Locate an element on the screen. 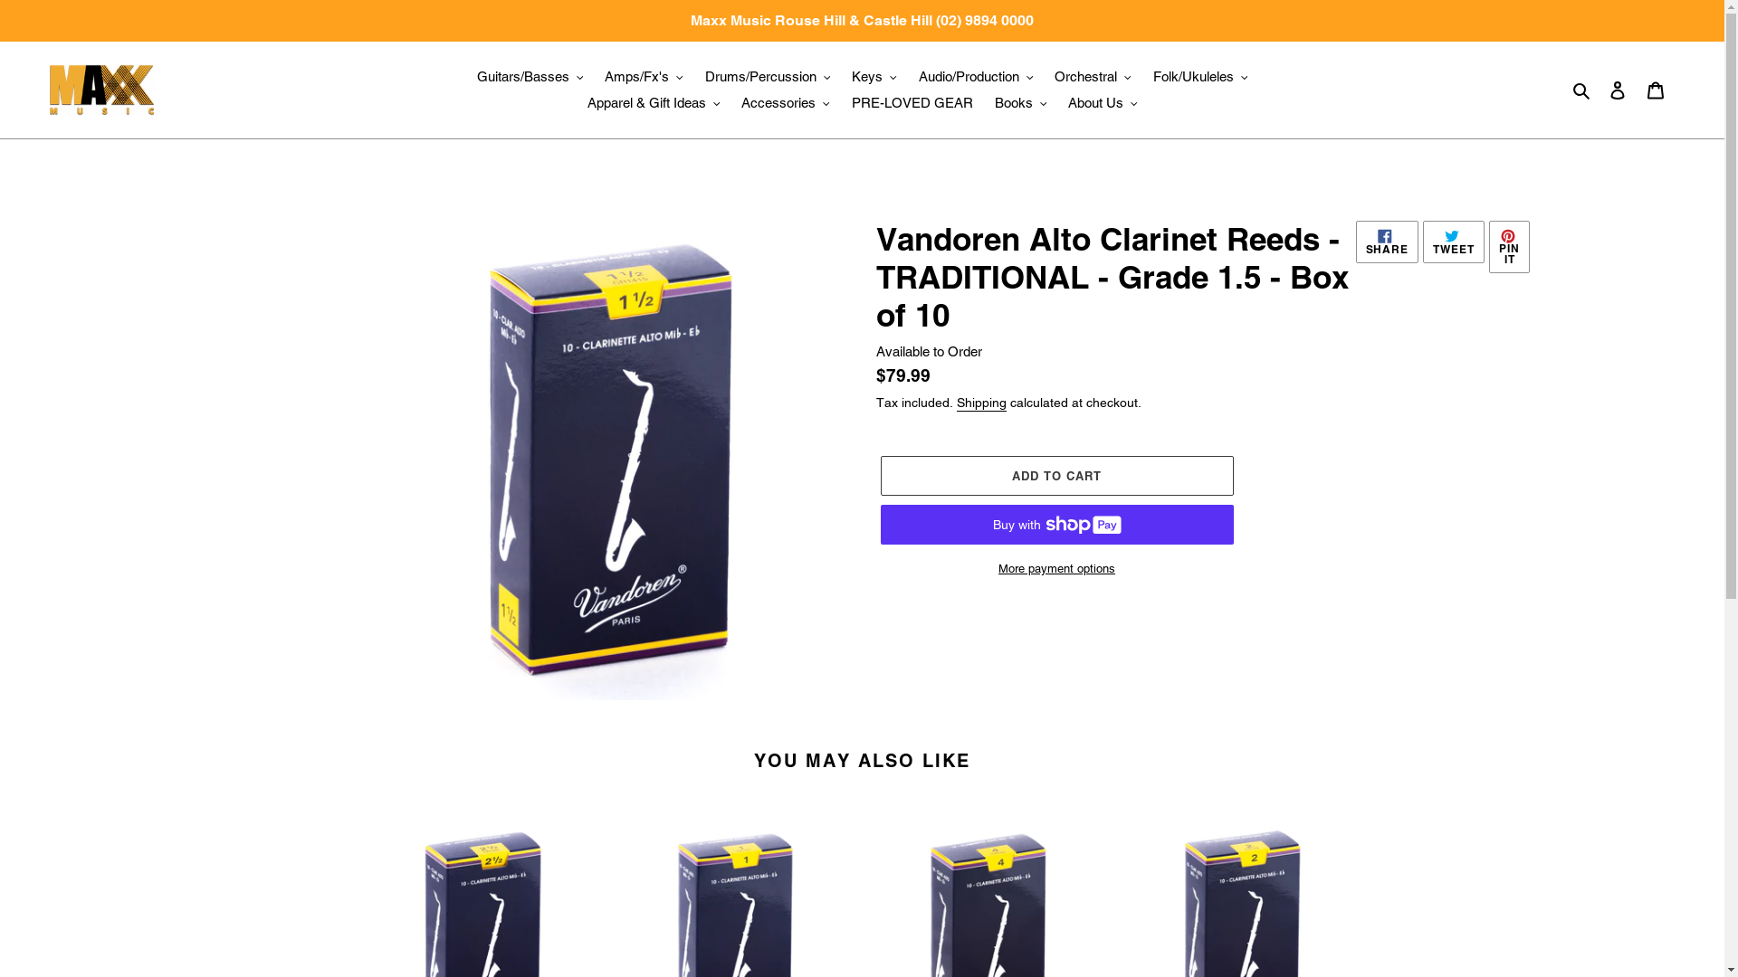  'Books' is located at coordinates (1020, 103).